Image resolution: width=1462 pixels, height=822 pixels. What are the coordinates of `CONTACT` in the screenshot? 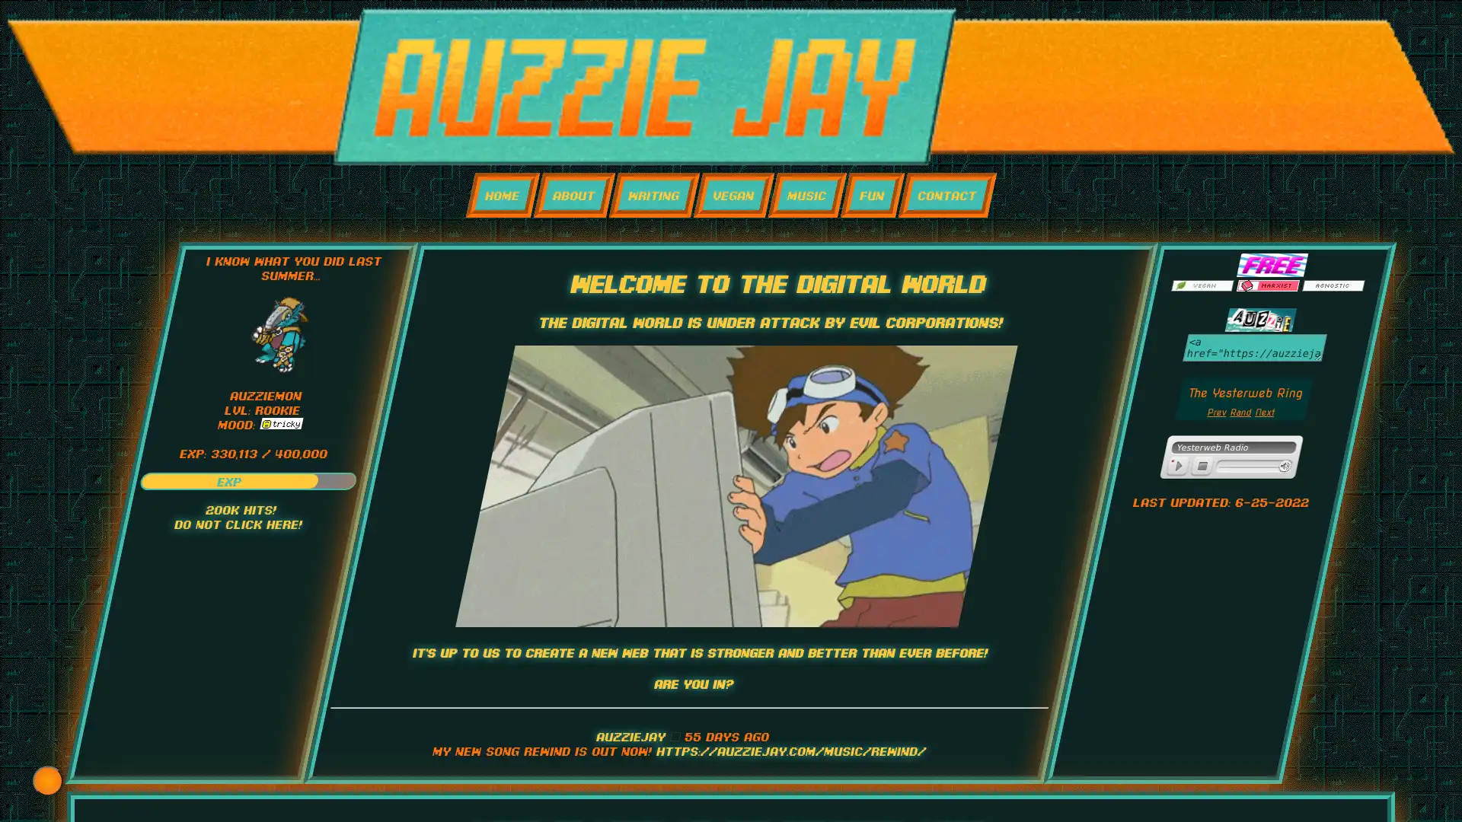 It's located at (946, 194).